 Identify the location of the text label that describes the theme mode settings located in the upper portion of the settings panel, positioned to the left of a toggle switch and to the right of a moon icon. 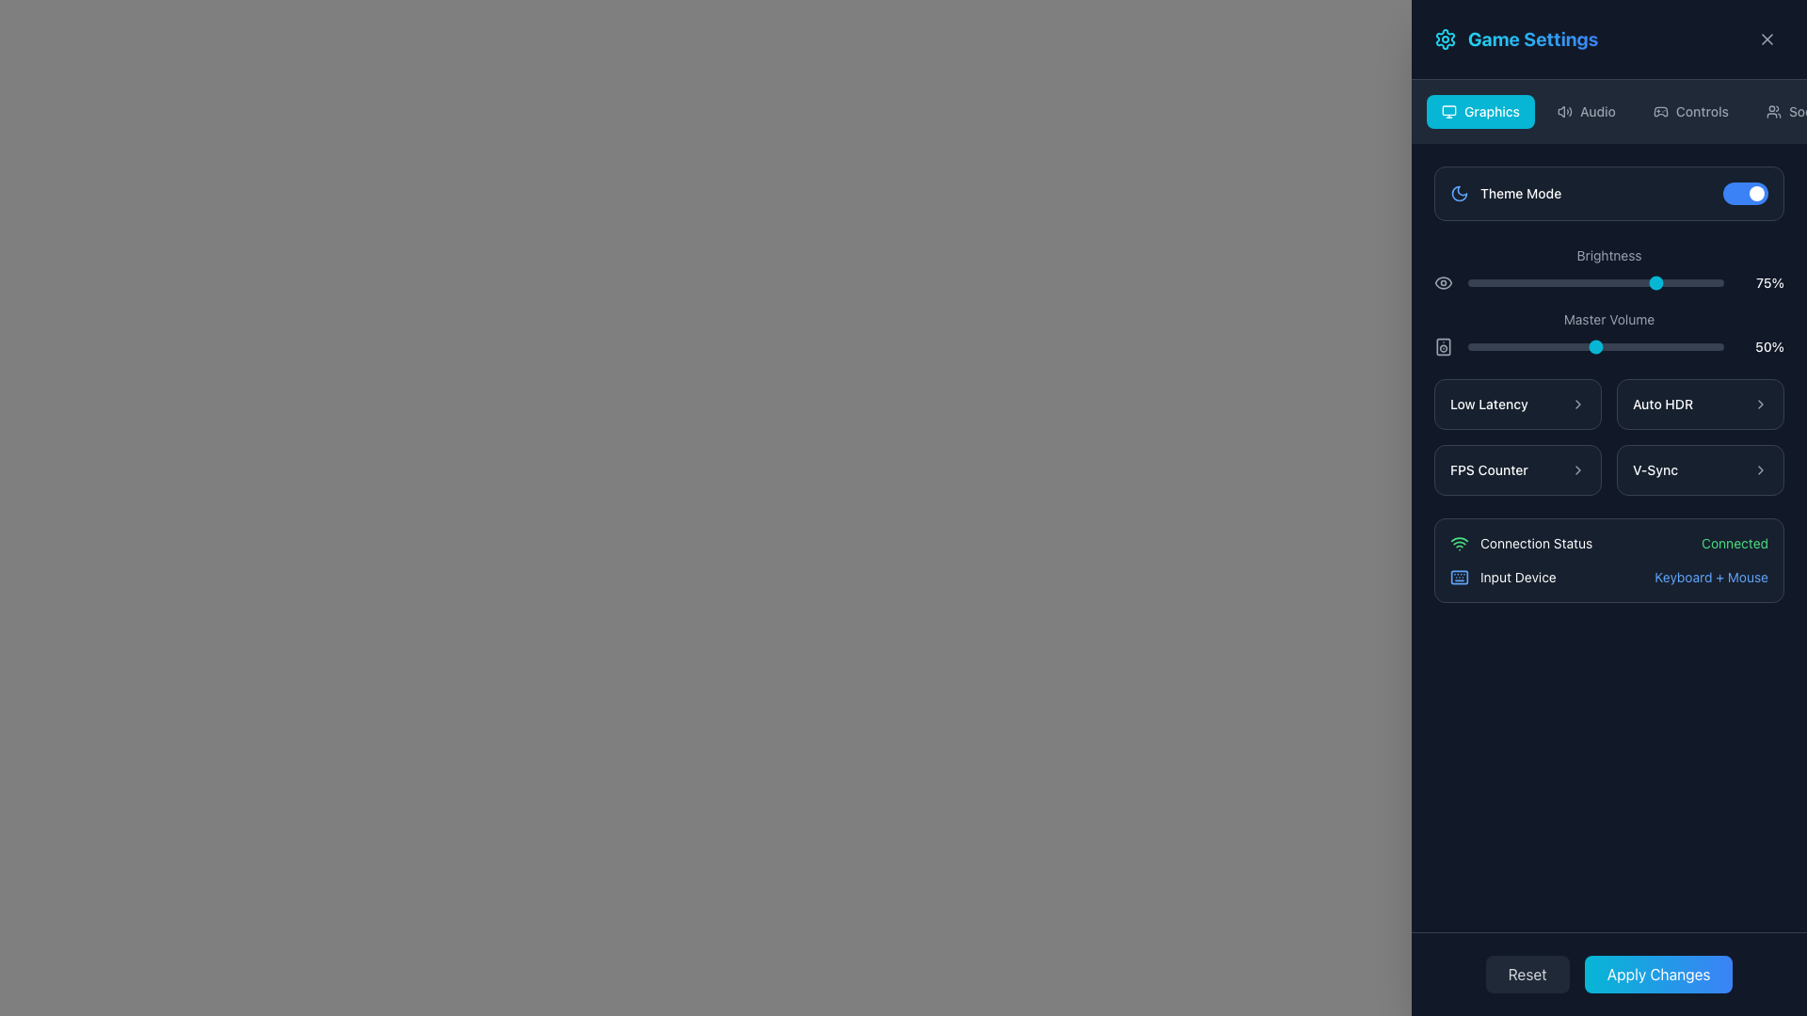
(1521, 193).